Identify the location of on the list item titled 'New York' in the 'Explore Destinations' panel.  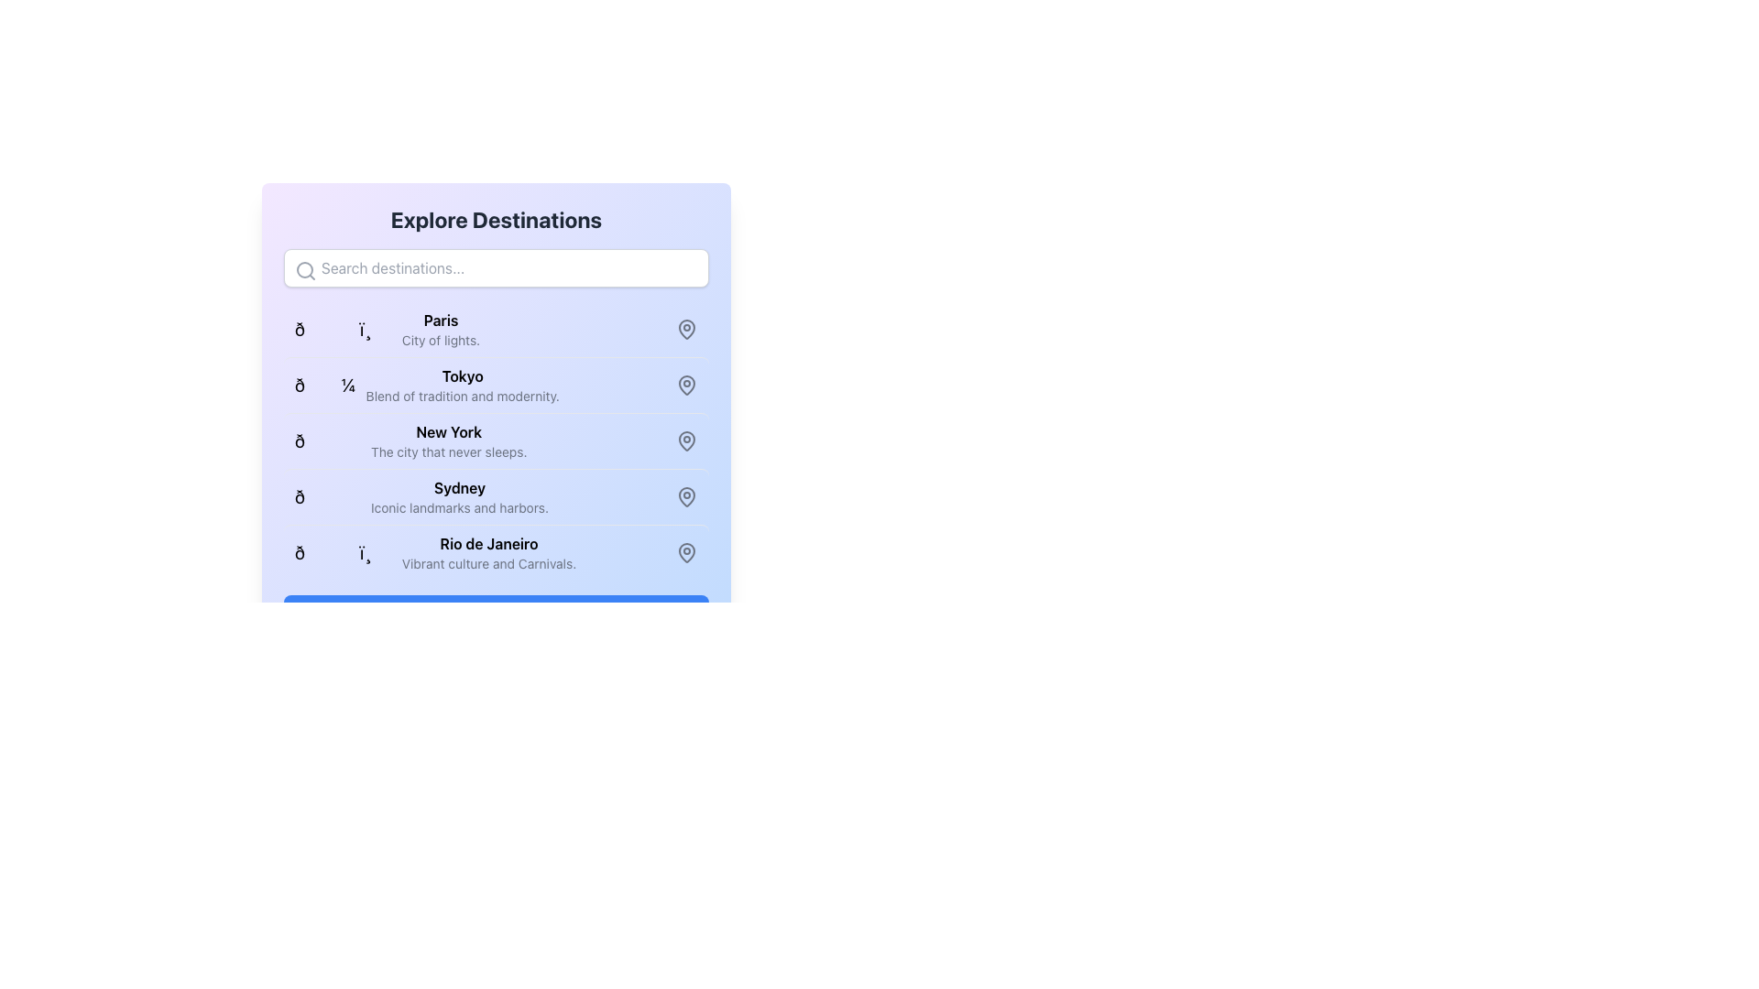
(410, 441).